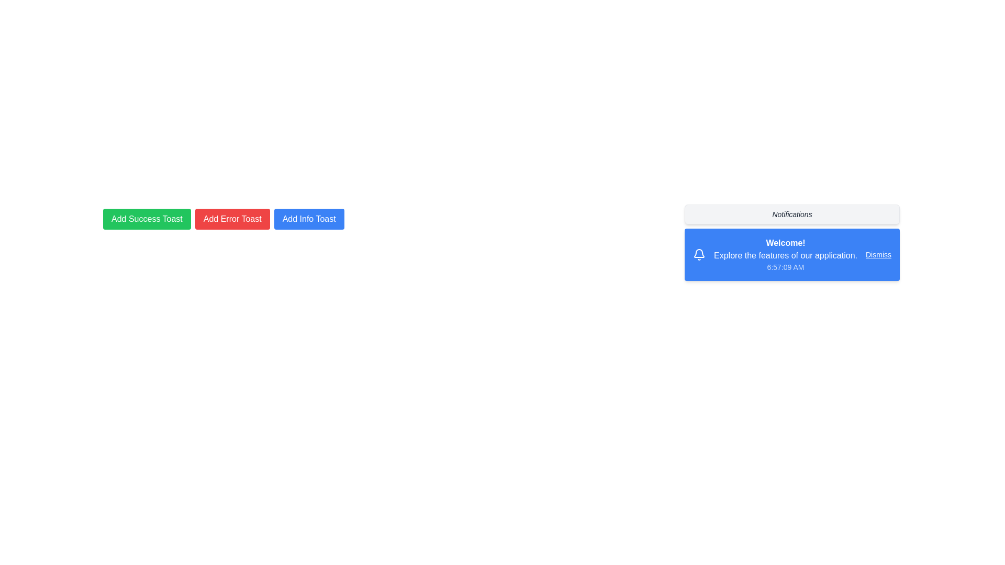  What do you see at coordinates (786, 256) in the screenshot?
I see `text element that displays 'Explore the features of our application.' which is located in a notification-style box, below the 'Welcome!' heading` at bounding box center [786, 256].